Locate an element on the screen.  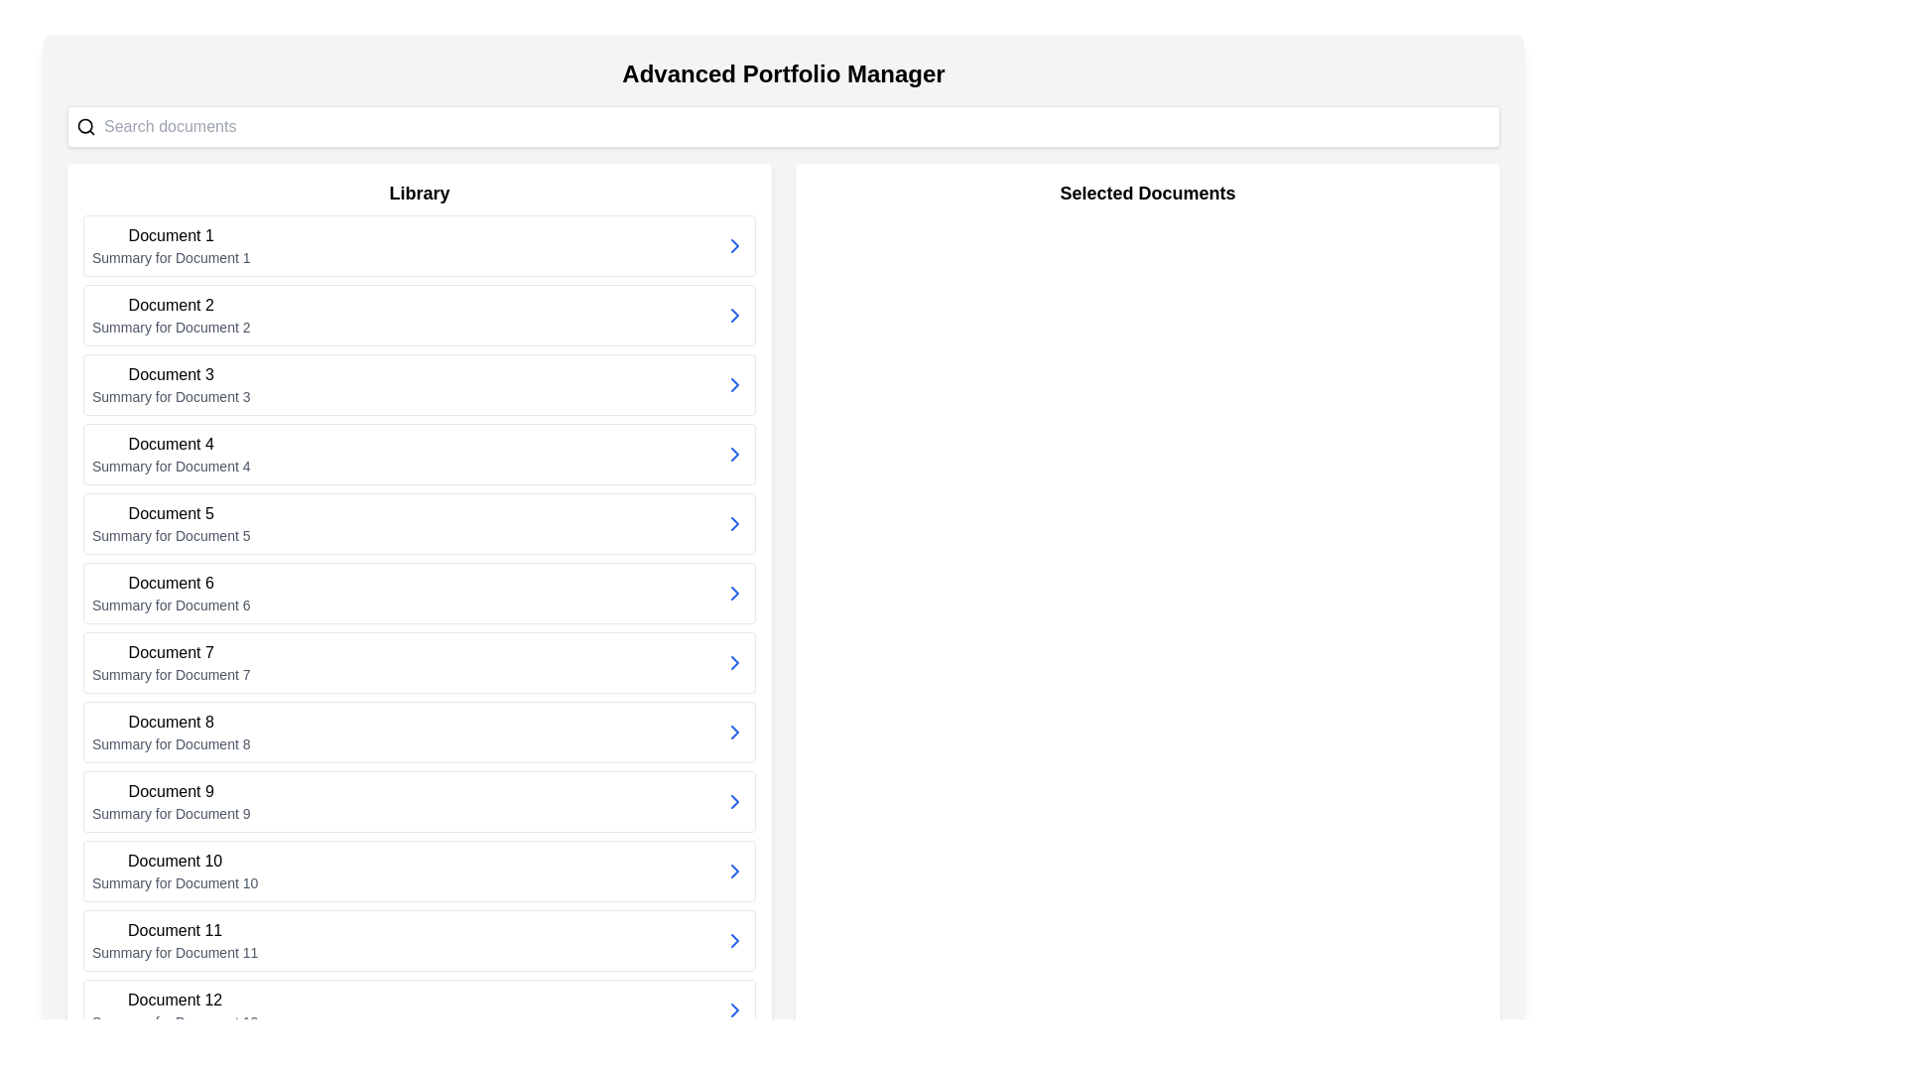
the text label displaying 'Document 4' located in the 'Library' section, specifically the fourth item from the top of the list on the left panel of the interface is located at coordinates (171, 443).